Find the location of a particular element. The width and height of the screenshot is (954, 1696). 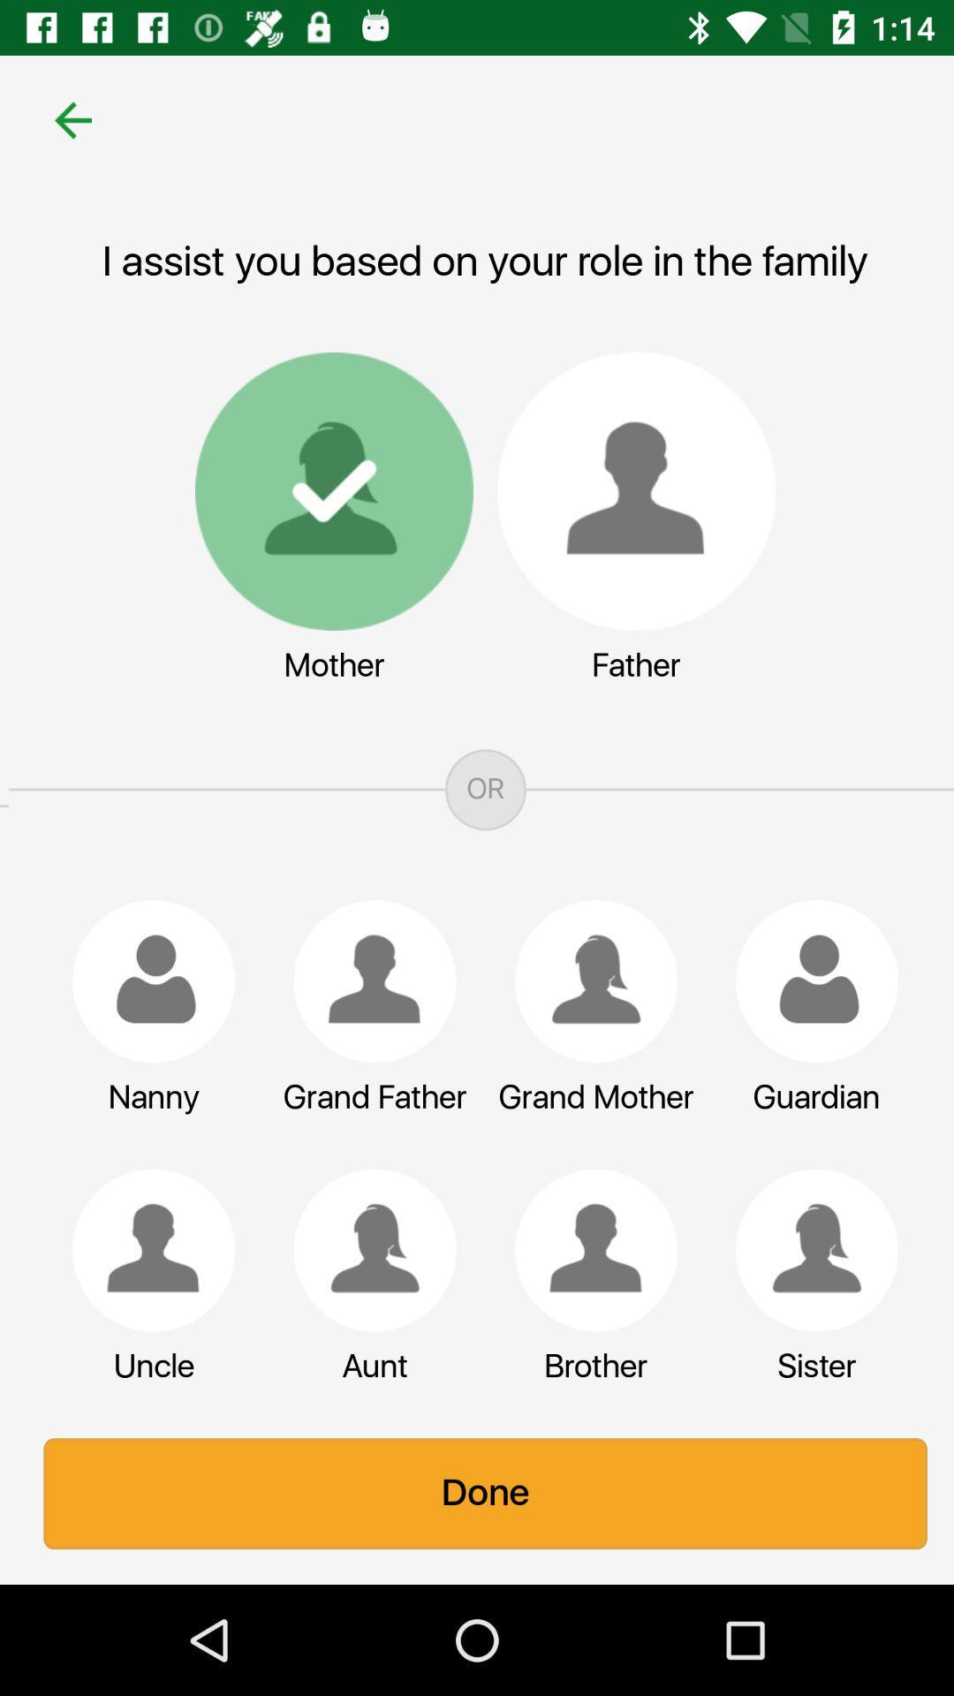

grand father is located at coordinates (366, 980).